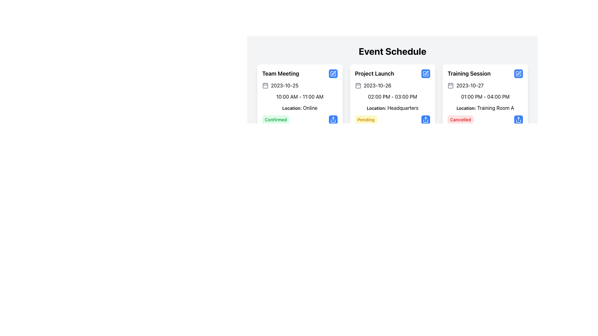 This screenshot has width=598, height=336. I want to click on the edit button located at the top-right corner of the 'Project Launch' section, so click(425, 73).